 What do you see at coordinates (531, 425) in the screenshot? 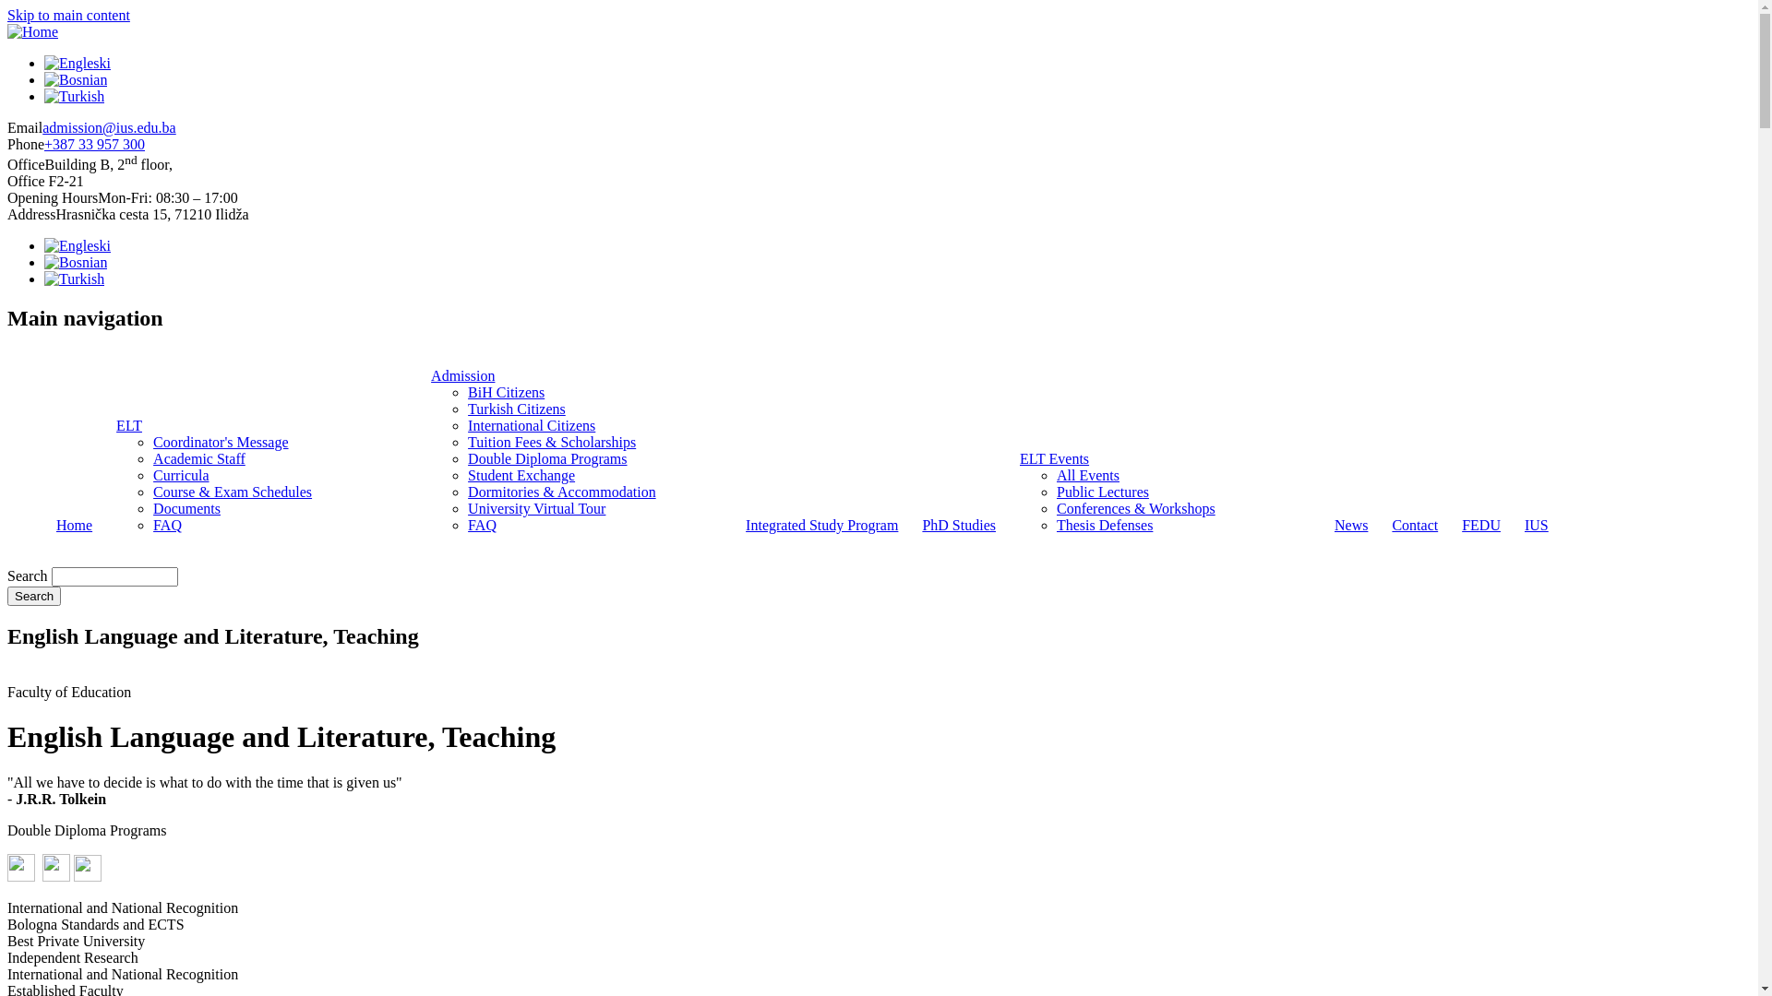
I see `'International Citizens'` at bounding box center [531, 425].